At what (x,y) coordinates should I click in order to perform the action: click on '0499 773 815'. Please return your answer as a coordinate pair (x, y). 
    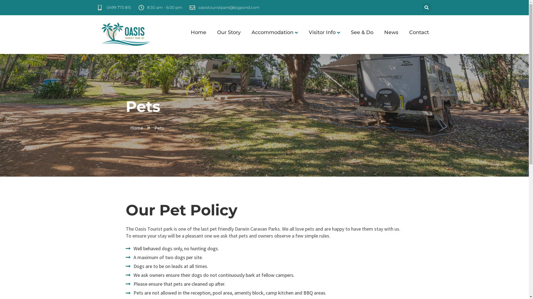
    Looking at the image, I should click on (114, 7).